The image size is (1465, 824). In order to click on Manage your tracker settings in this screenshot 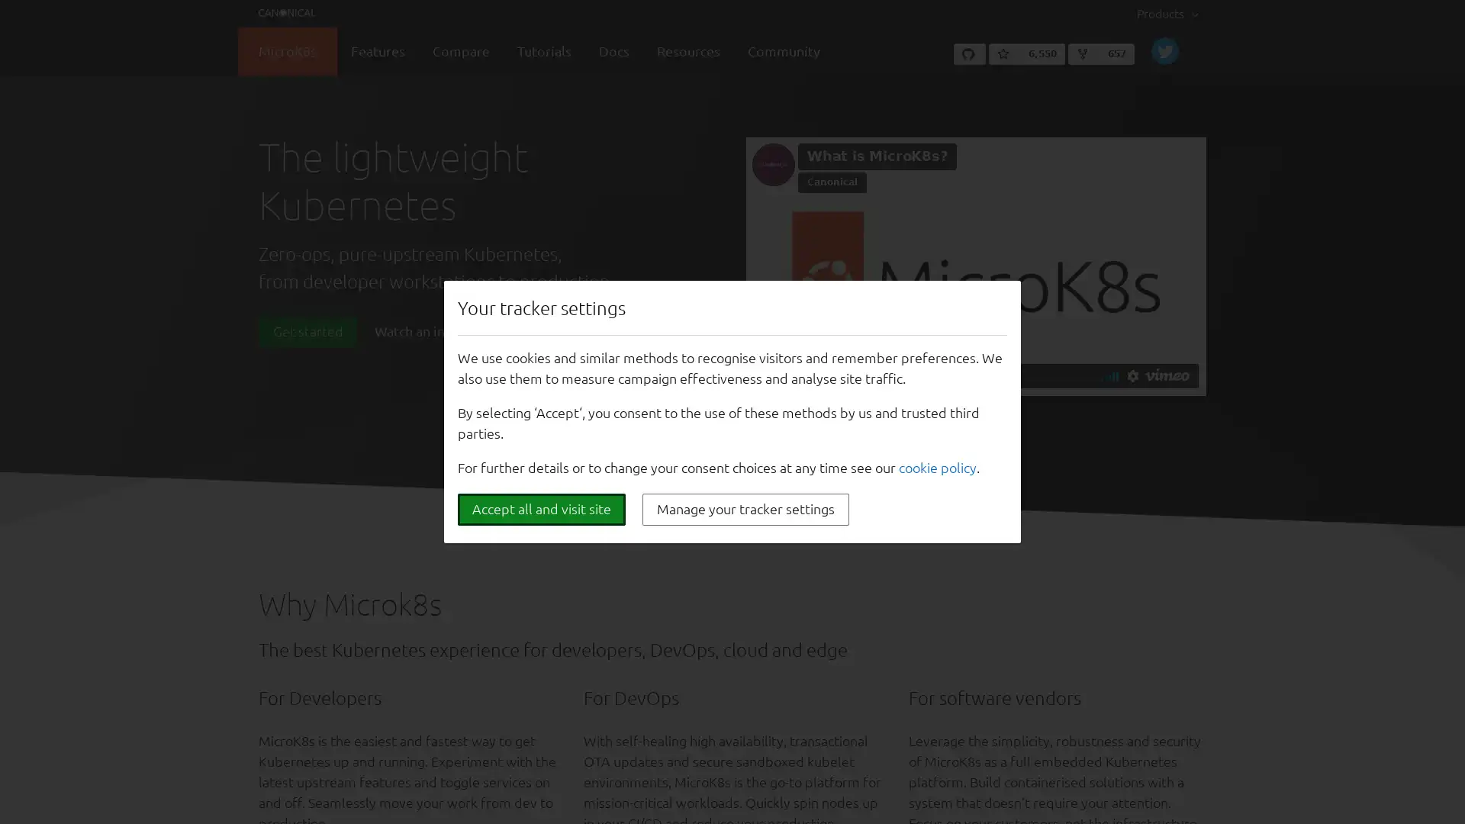, I will do `click(745, 509)`.